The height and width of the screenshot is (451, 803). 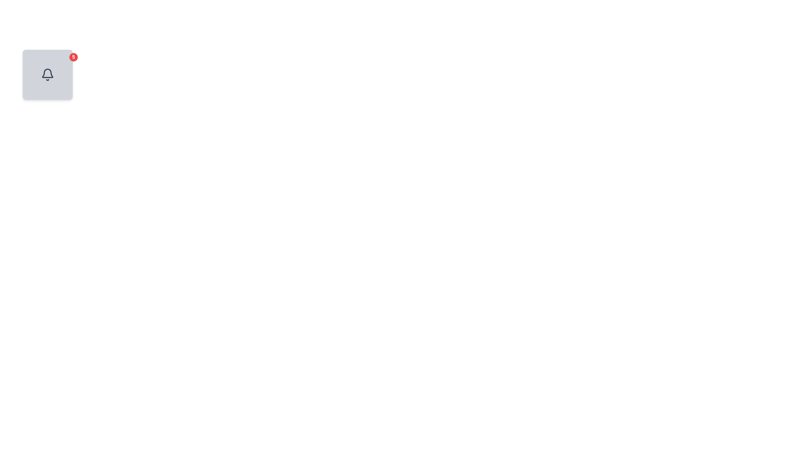 What do you see at coordinates (74, 57) in the screenshot?
I see `the count displayed on the small circular badge with a red background and white text showing '5', located at the top-right corner of the notification bell icon` at bounding box center [74, 57].